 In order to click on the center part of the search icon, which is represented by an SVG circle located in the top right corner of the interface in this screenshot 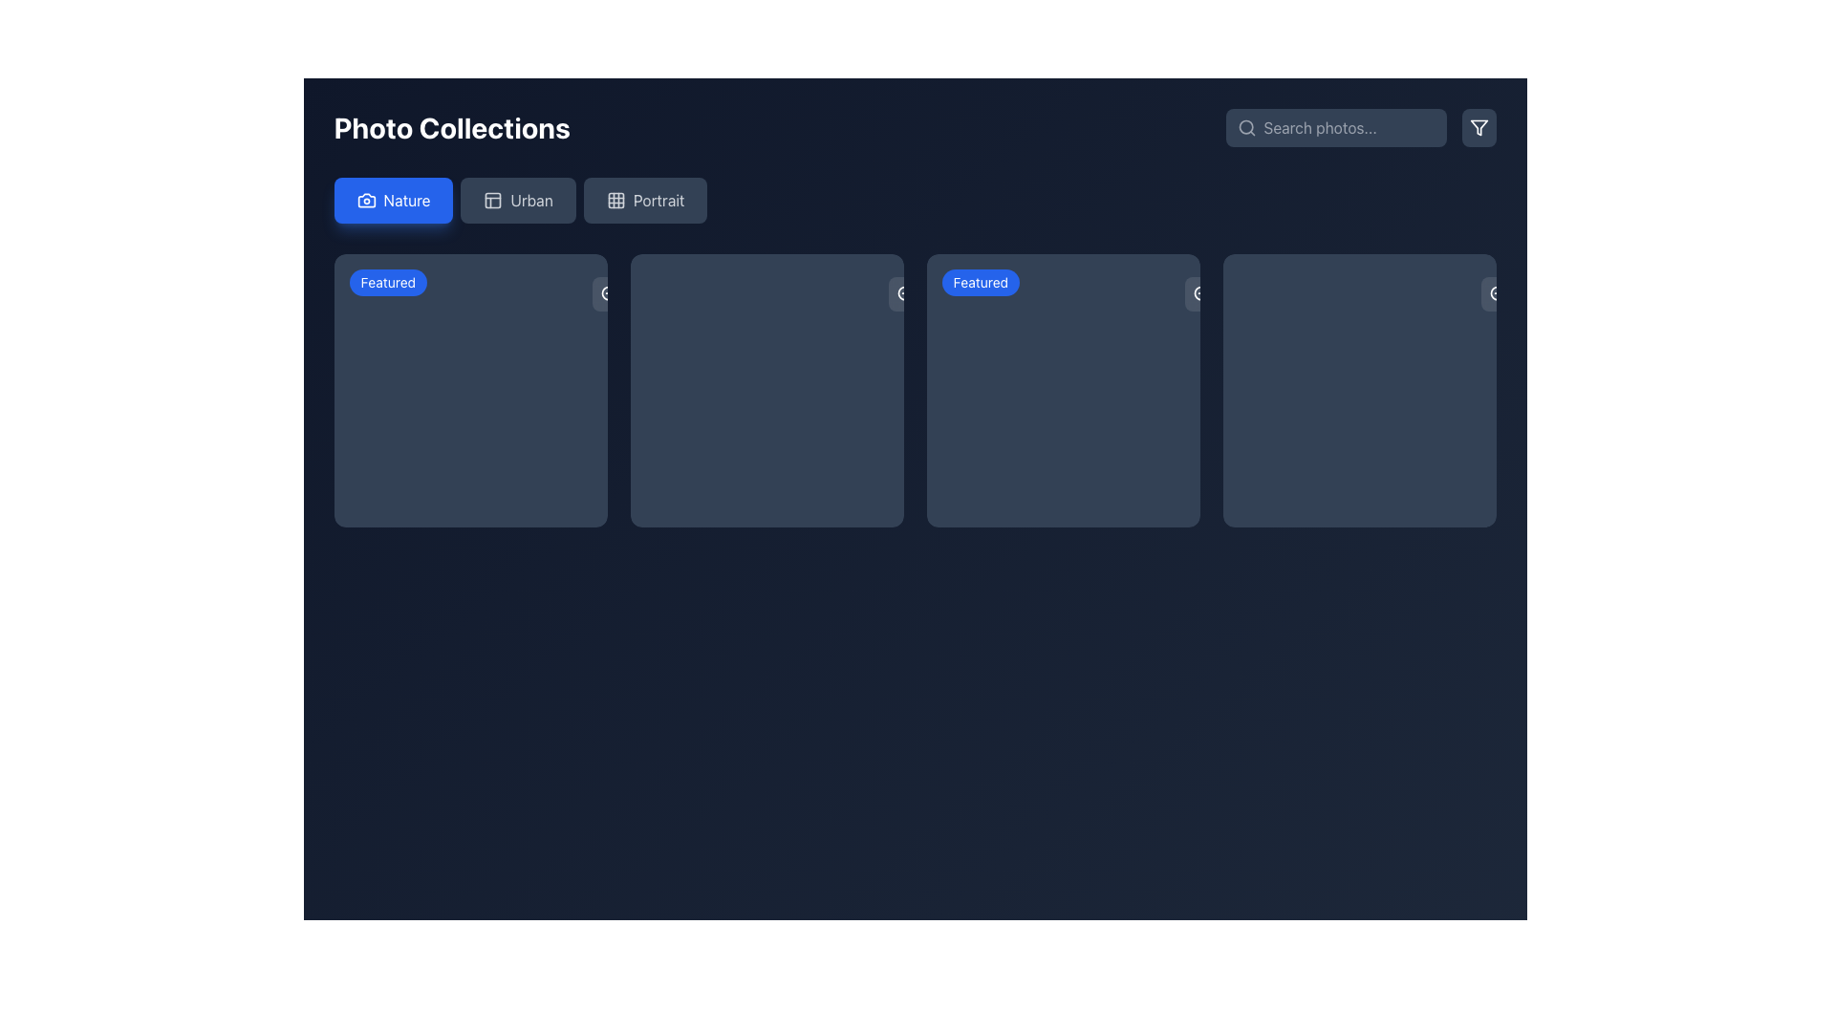, I will do `click(1245, 127)`.